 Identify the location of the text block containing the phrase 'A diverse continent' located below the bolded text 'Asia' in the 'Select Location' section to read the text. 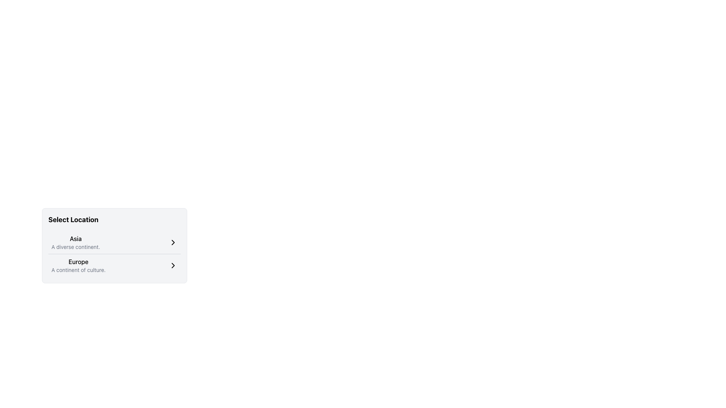
(76, 247).